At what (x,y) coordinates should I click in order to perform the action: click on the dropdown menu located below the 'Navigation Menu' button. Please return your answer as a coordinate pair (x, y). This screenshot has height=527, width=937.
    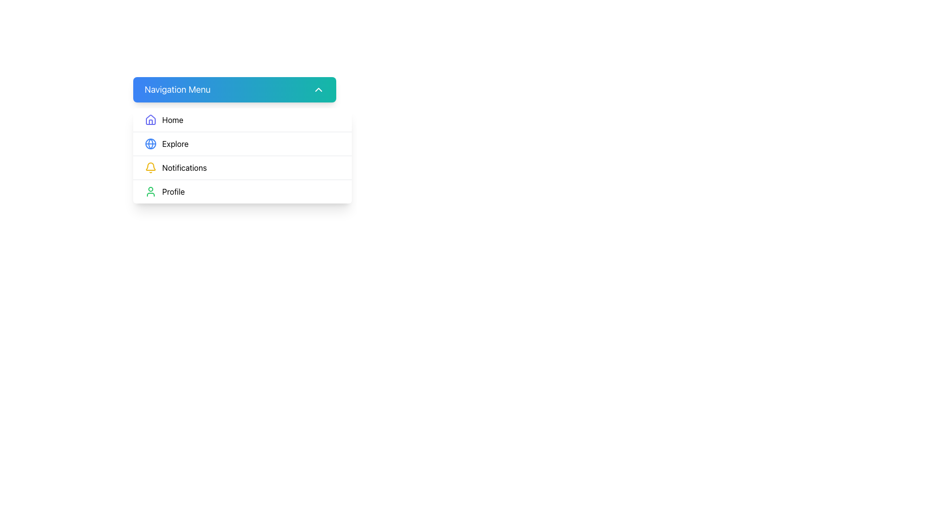
    Looking at the image, I should click on (242, 155).